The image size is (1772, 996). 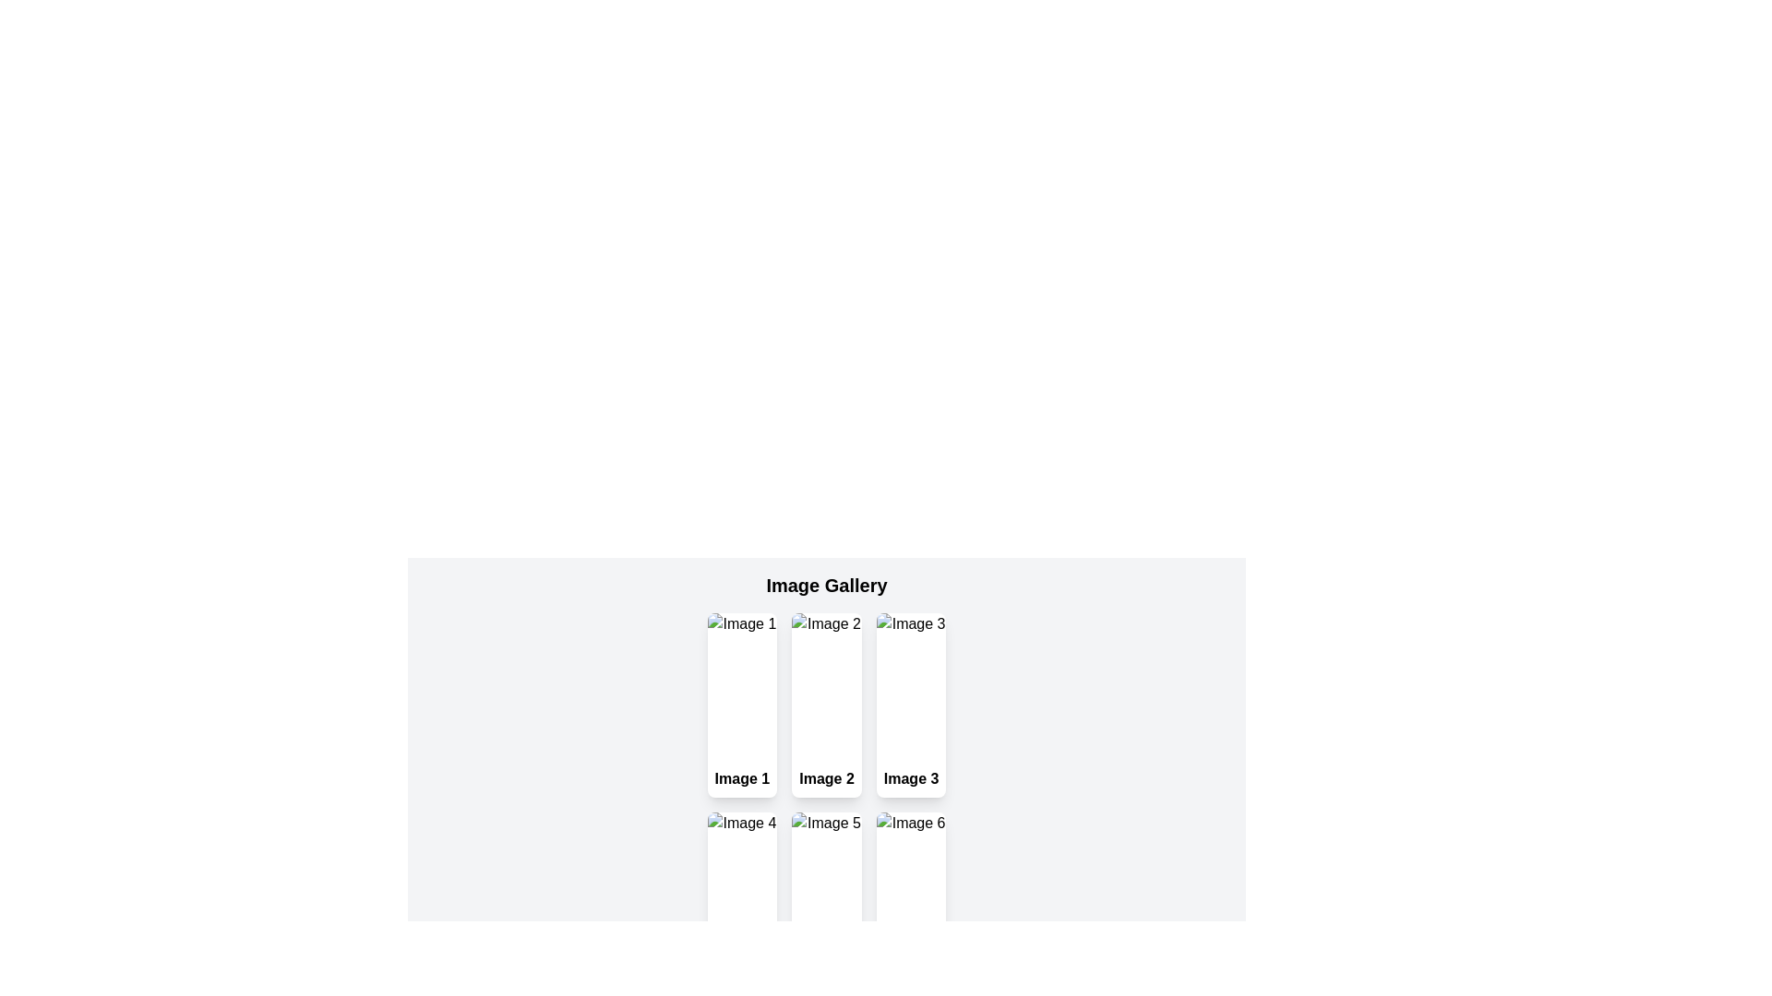 What do you see at coordinates (911, 686) in the screenshot?
I see `the rectangular image labeled 'Image 3' located at the top of the third column` at bounding box center [911, 686].